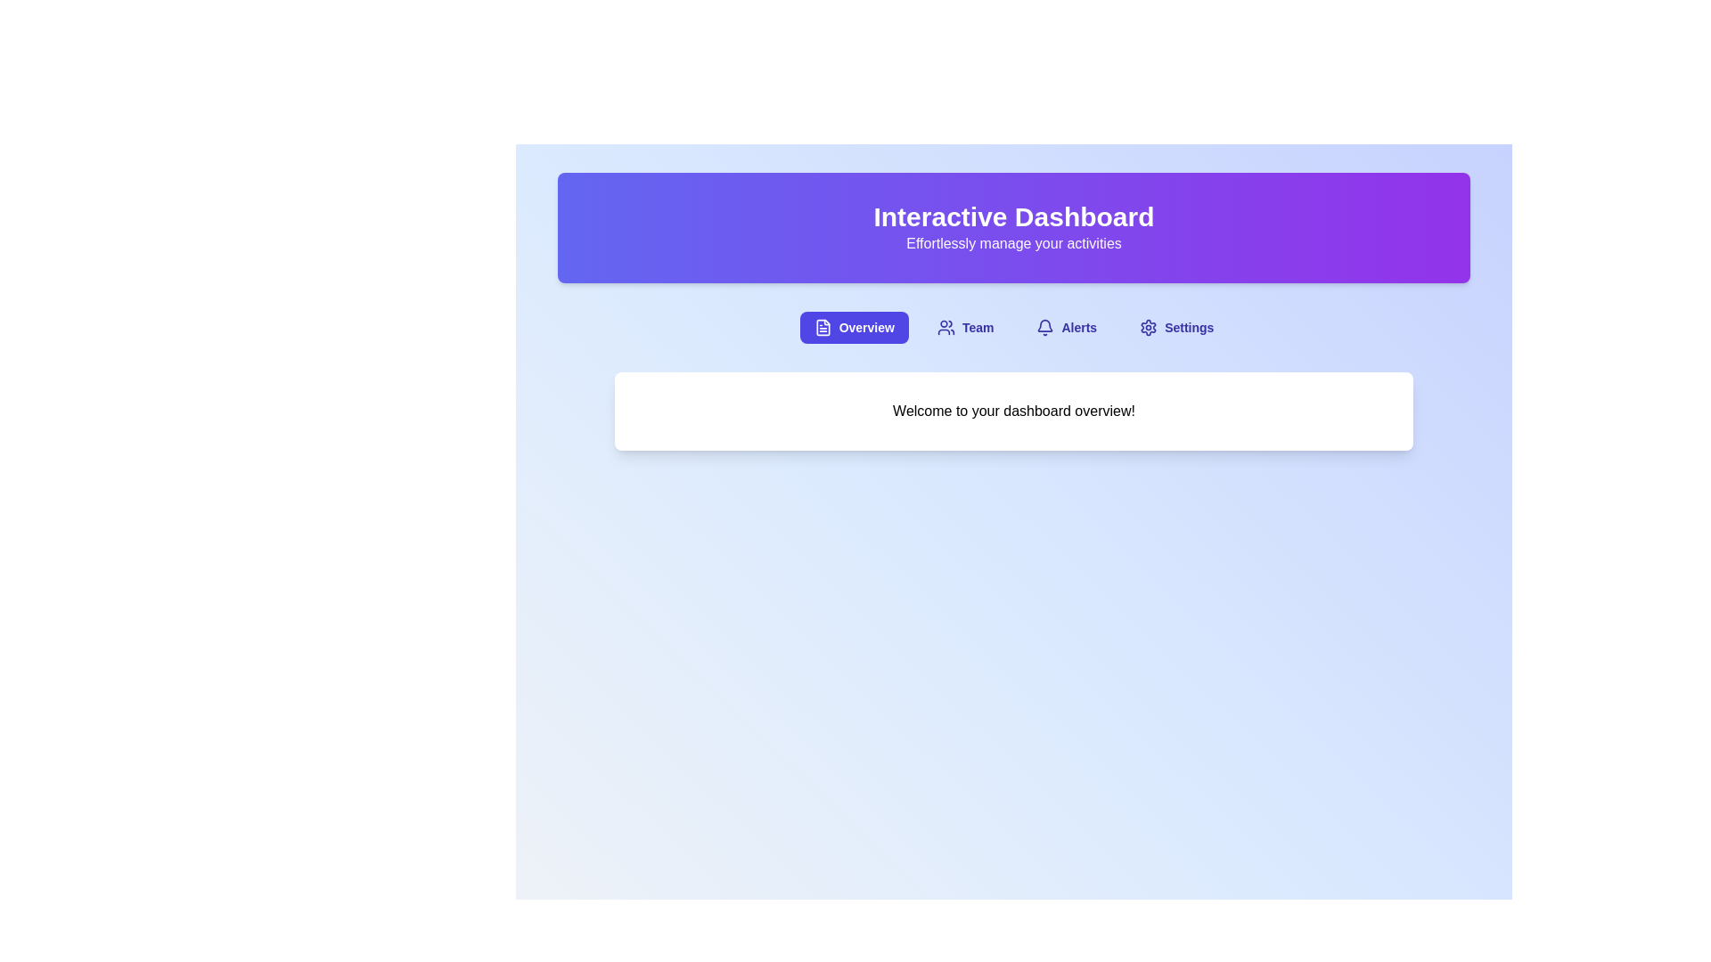 The image size is (1711, 962). Describe the element at coordinates (822, 327) in the screenshot. I see `the document icon located to the left of the 'Overview' label, which features a rectangular shape with a folded corner and lines indicating text` at that location.